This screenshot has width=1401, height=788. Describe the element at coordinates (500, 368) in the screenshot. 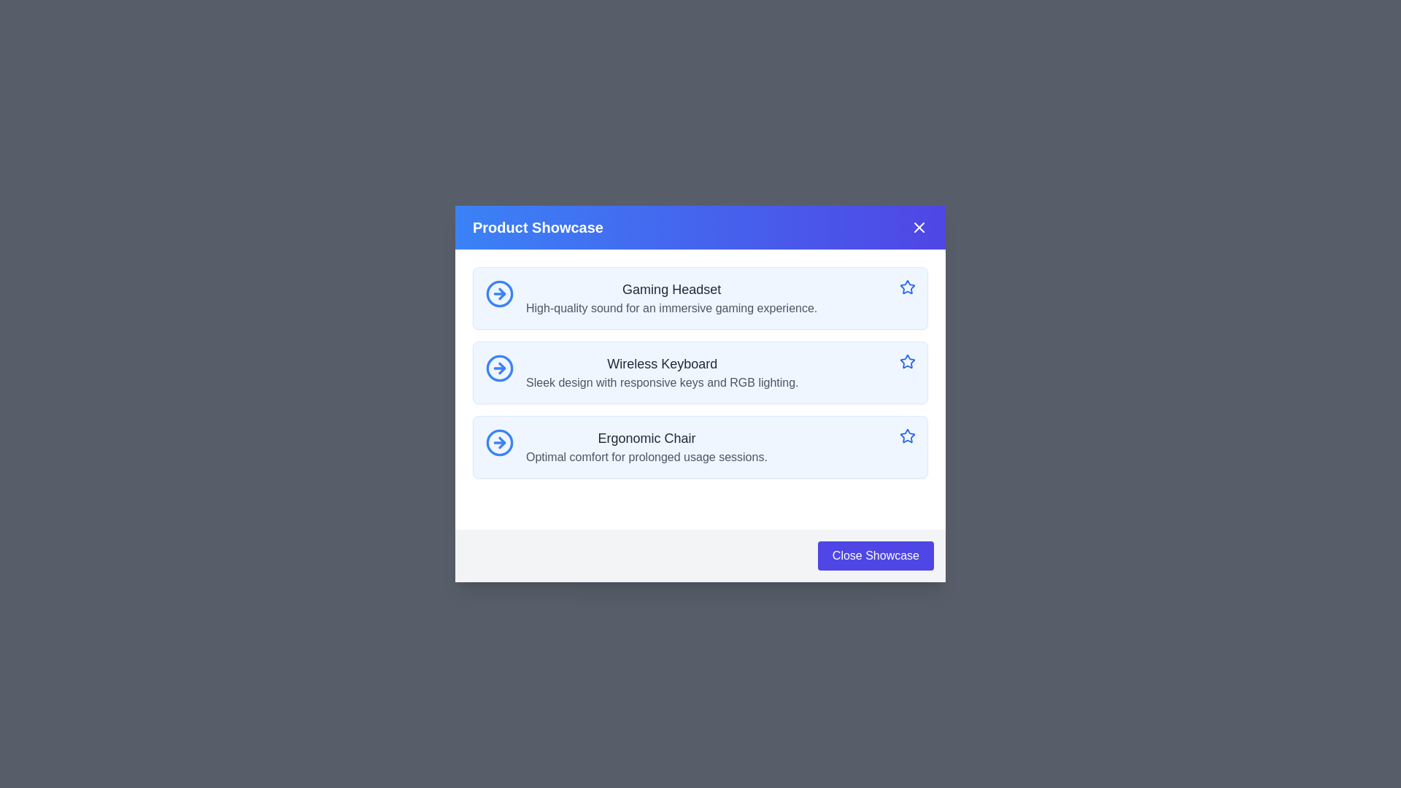

I see `the navigation icon for the 'Wireless Keyboard' product, which is located towards the left part of its list item, beside the product title and description` at that location.